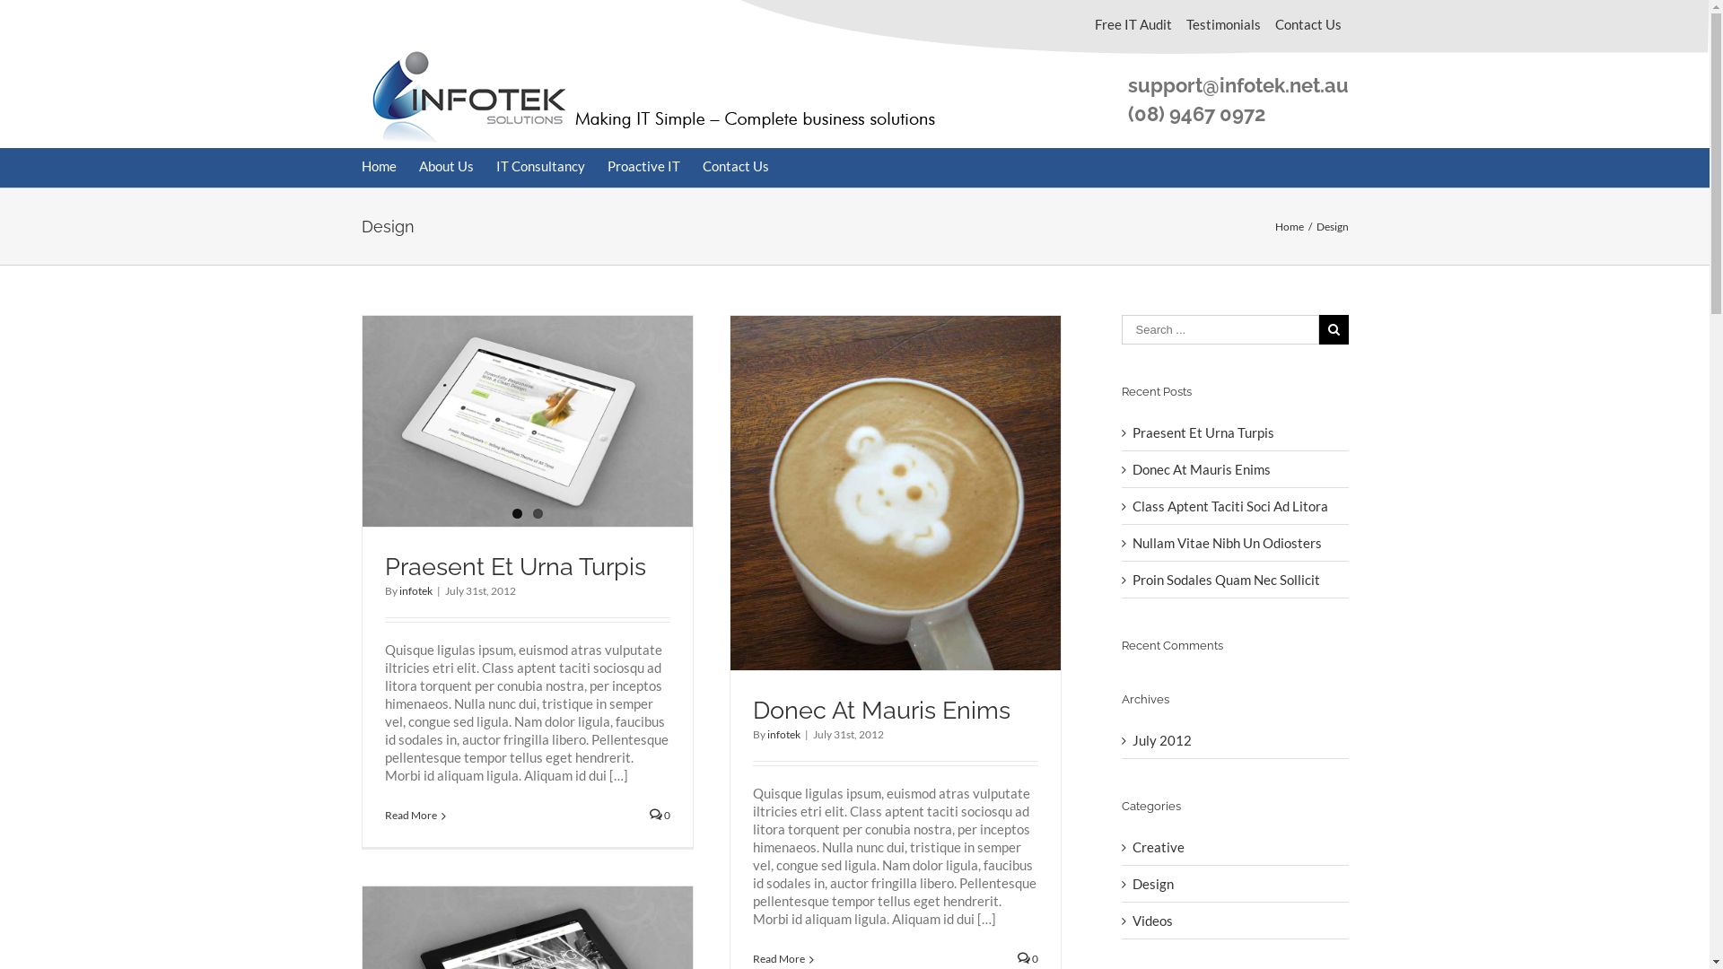 The width and height of the screenshot is (1723, 969). What do you see at coordinates (1132, 542) in the screenshot?
I see `'Nullam Vitae Nibh Un Odiosters'` at bounding box center [1132, 542].